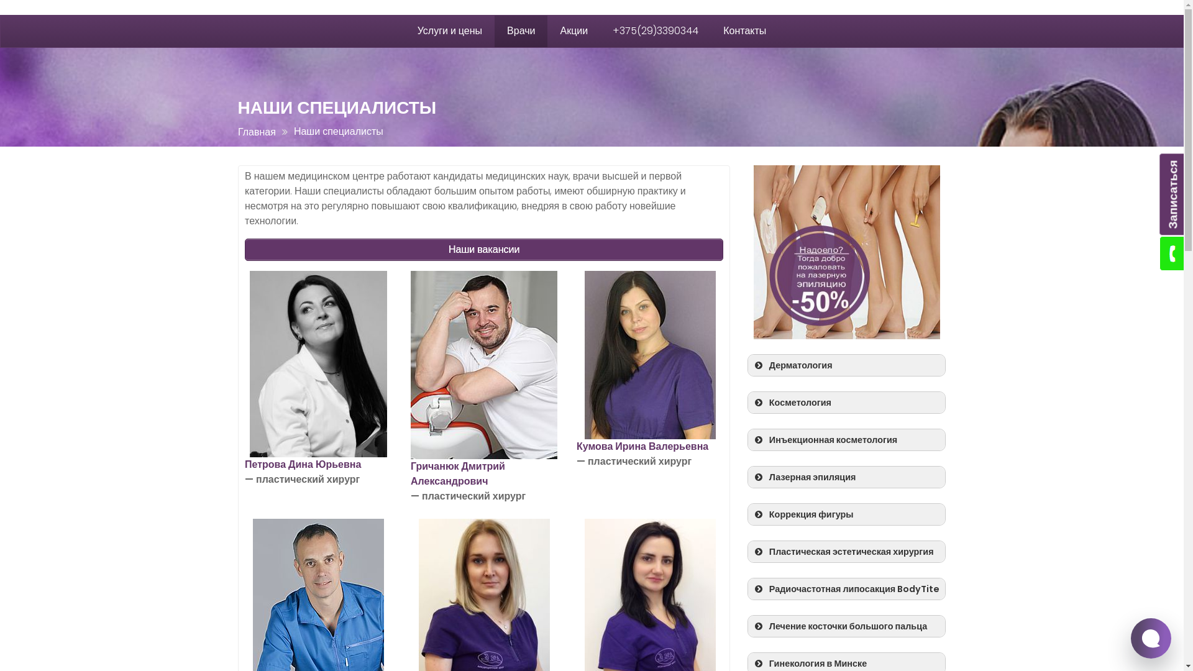 This screenshot has width=1193, height=671. What do you see at coordinates (655, 30) in the screenshot?
I see `'+375(29)3390344'` at bounding box center [655, 30].